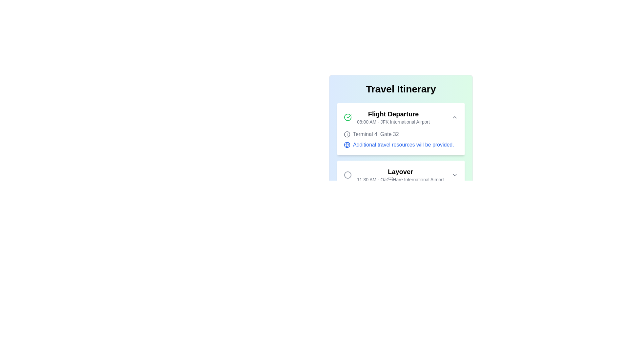 The image size is (630, 354). I want to click on the text label indicating a layover in the travel itinerary, located centrally below the 'Travel Itinerary' header, so click(400, 171).